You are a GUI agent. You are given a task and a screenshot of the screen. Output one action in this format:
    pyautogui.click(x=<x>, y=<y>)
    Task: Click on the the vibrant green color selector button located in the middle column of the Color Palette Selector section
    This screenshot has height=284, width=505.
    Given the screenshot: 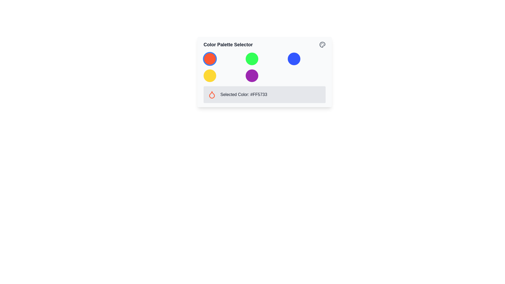 What is the action you would take?
    pyautogui.click(x=252, y=59)
    